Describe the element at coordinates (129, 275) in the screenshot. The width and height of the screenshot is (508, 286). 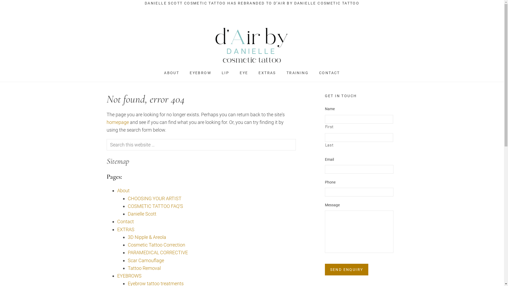
I see `'EYEBROWS'` at that location.